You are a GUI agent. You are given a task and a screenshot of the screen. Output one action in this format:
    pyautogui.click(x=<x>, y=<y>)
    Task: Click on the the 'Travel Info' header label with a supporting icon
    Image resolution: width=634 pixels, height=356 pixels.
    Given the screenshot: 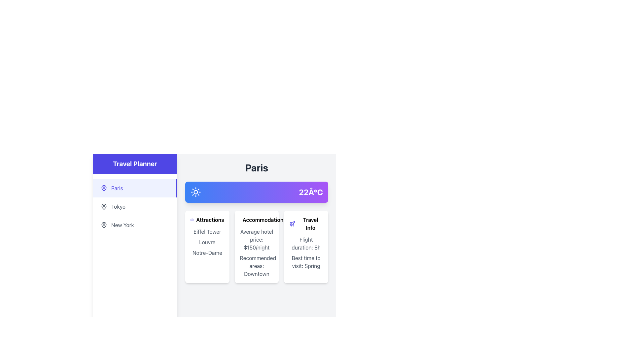 What is the action you would take?
    pyautogui.click(x=306, y=223)
    